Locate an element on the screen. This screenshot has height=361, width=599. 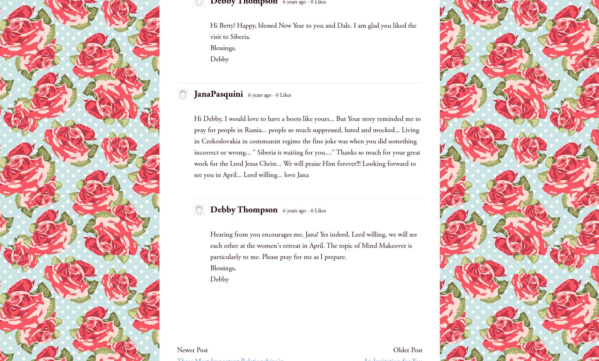
'JanaPasquini' is located at coordinates (218, 93).